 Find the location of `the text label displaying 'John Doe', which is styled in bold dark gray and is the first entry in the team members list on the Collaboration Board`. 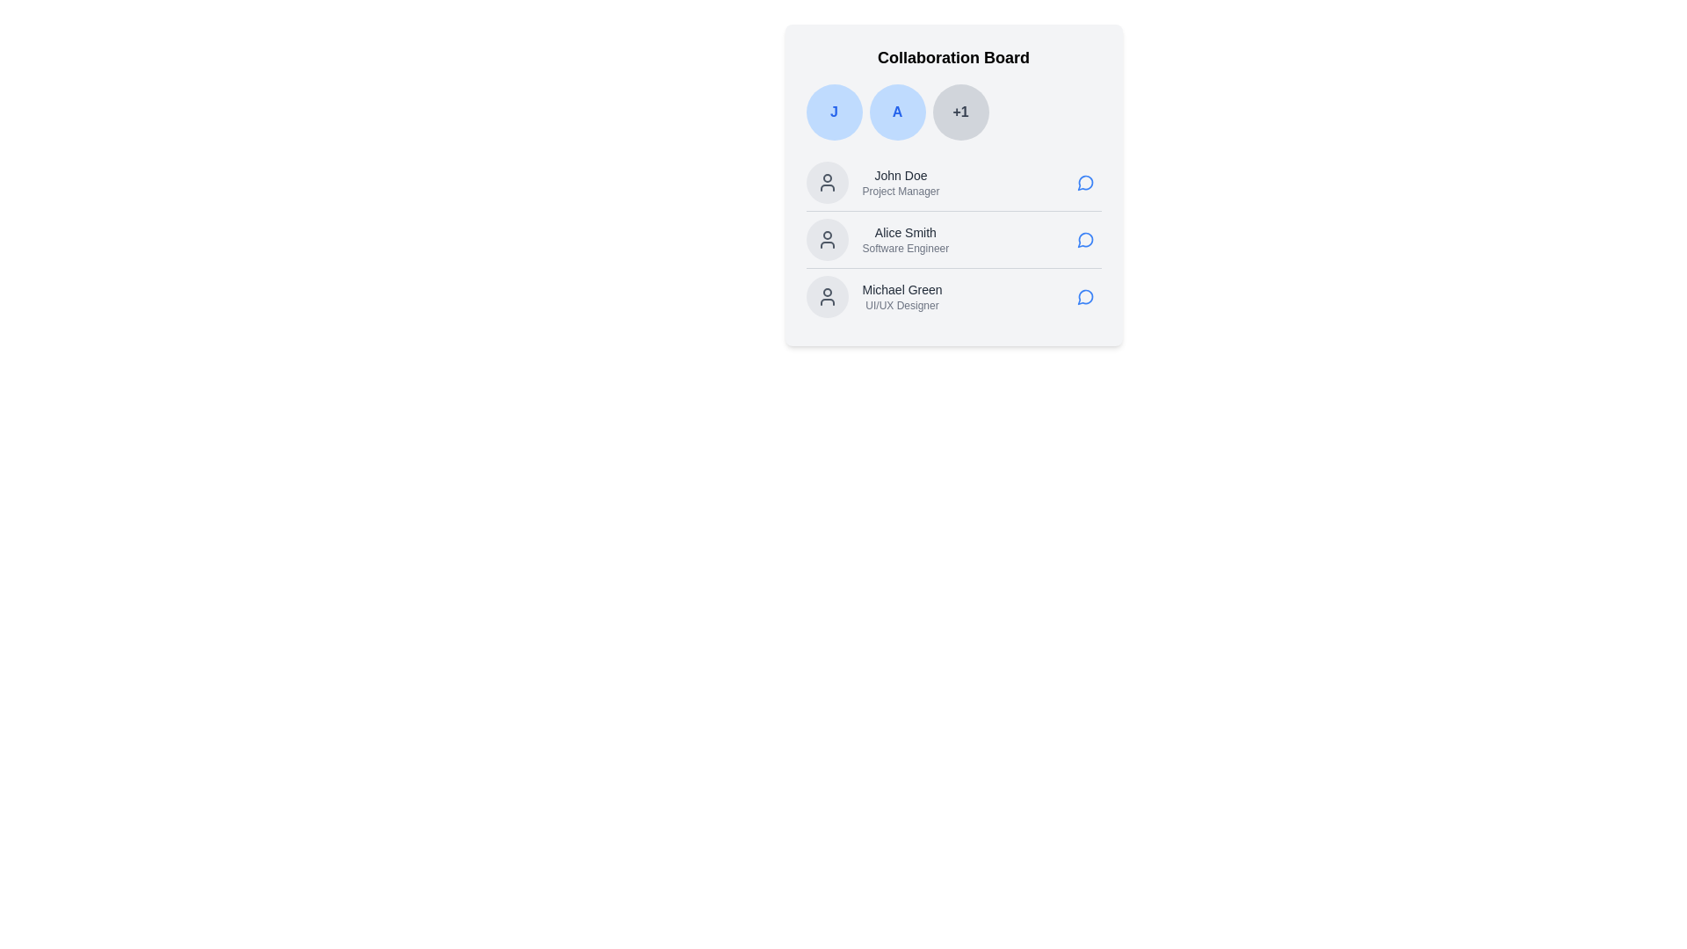

the text label displaying 'John Doe', which is styled in bold dark gray and is the first entry in the team members list on the Collaboration Board is located at coordinates (901, 176).